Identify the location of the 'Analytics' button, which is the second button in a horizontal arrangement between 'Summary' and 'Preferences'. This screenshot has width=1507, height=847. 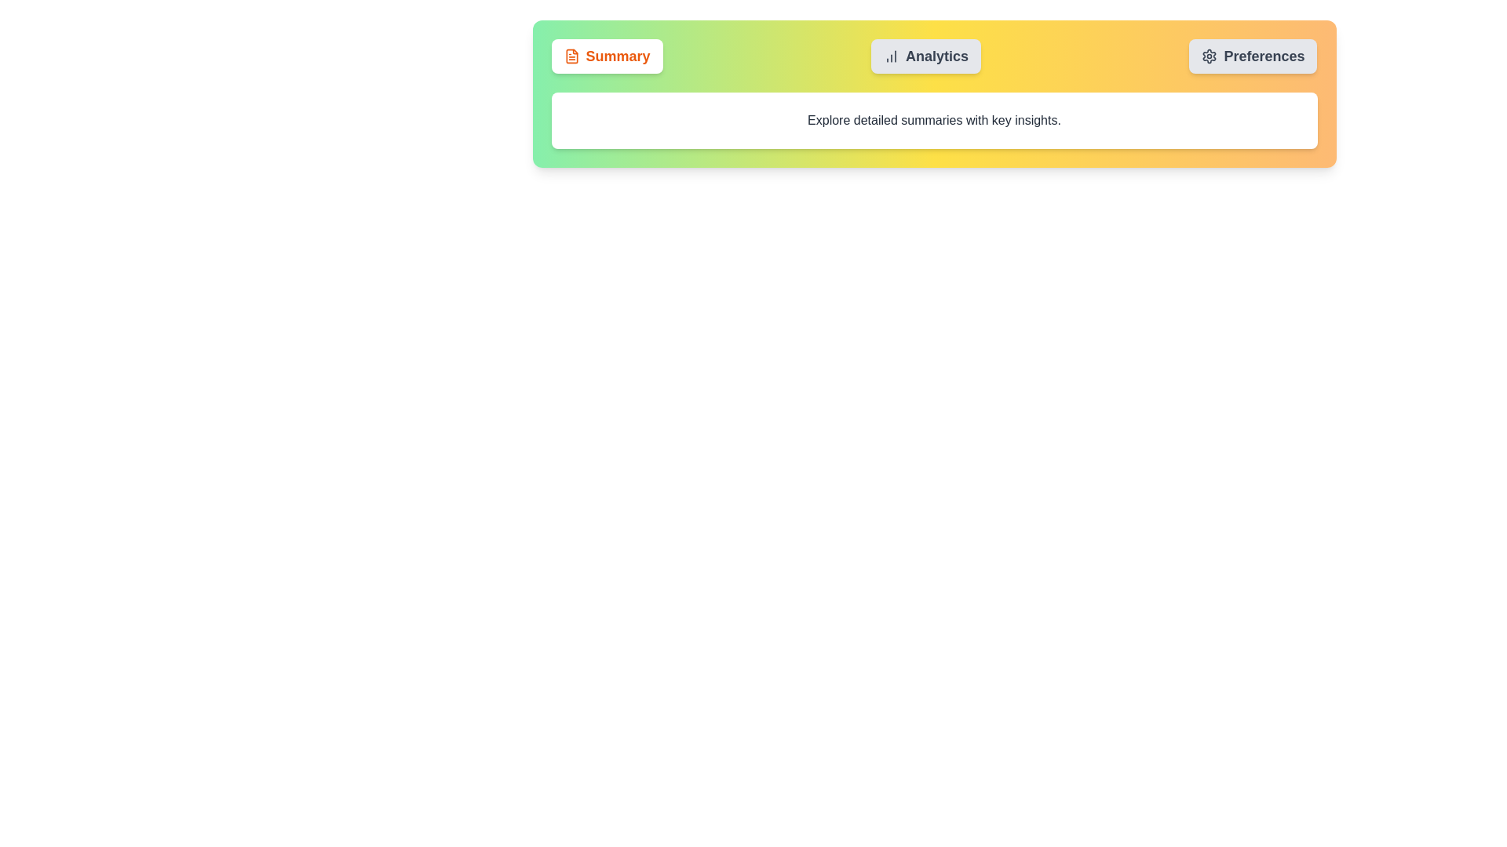
(934, 56).